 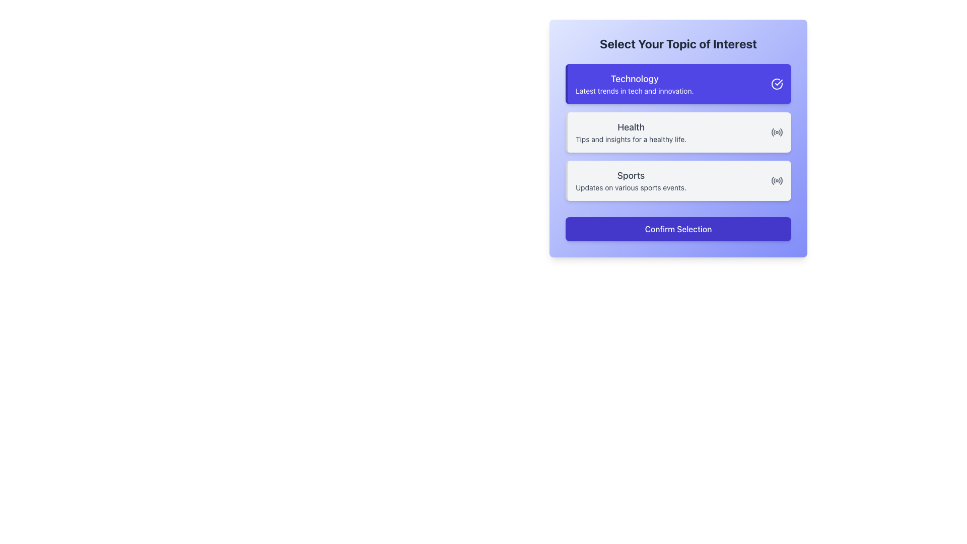 What do you see at coordinates (634, 79) in the screenshot?
I see `the text label that reads 'Technology', which is styled in white on a purple background and is positioned at the top of the card` at bounding box center [634, 79].